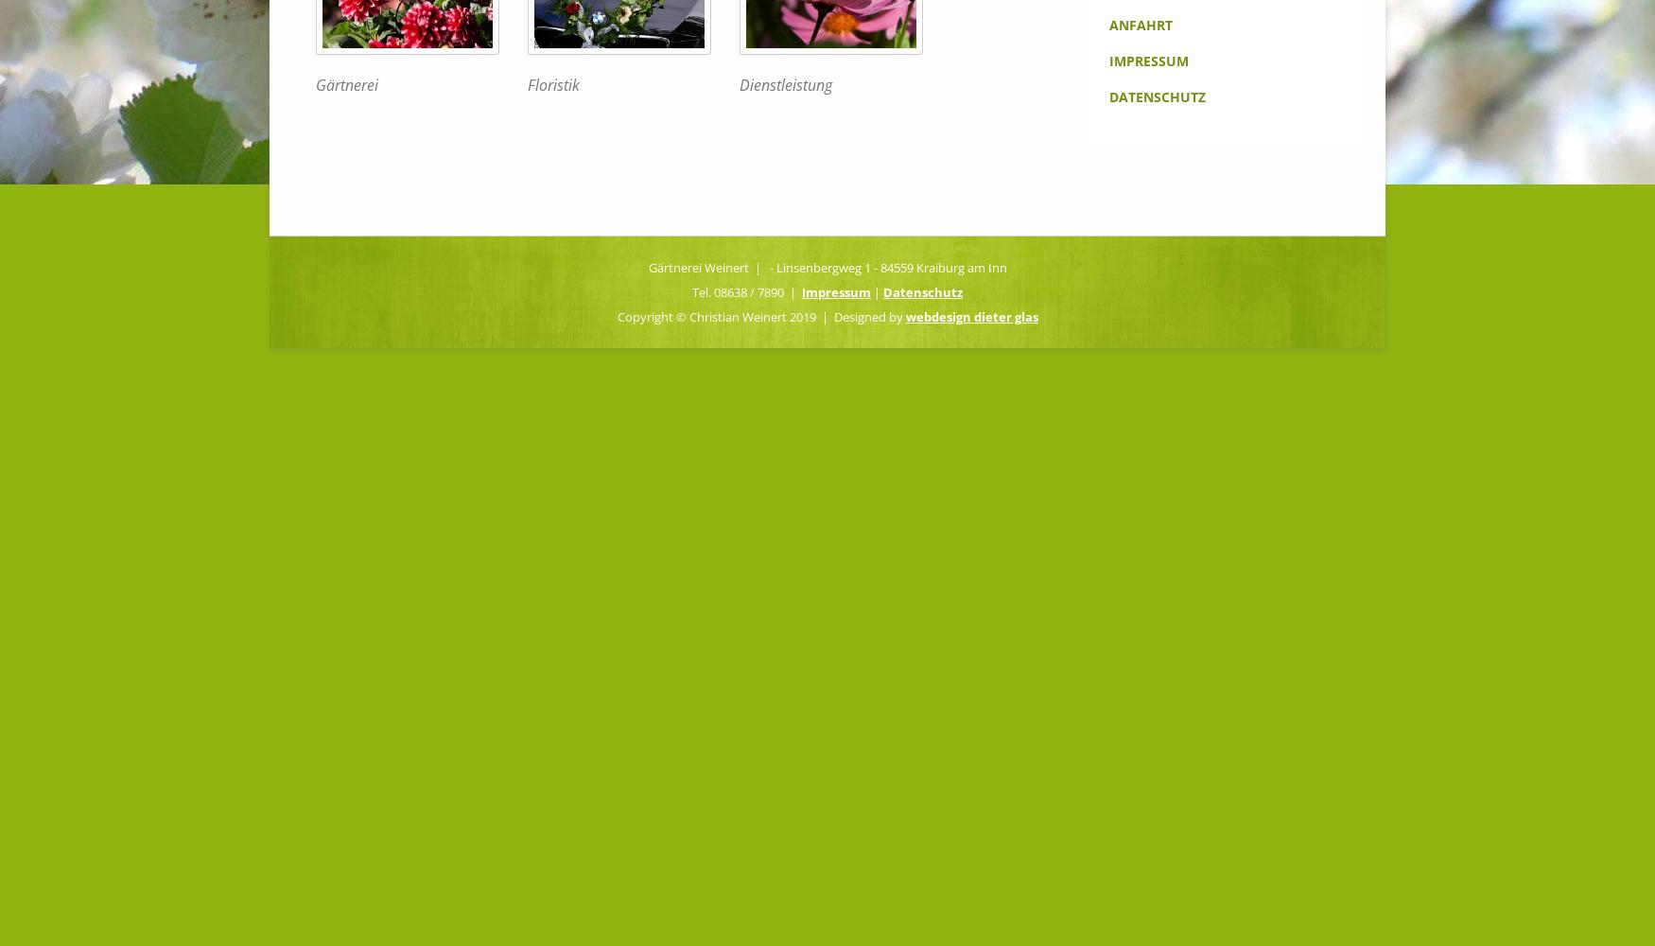  What do you see at coordinates (970, 315) in the screenshot?
I see `'webdesign dieter glas'` at bounding box center [970, 315].